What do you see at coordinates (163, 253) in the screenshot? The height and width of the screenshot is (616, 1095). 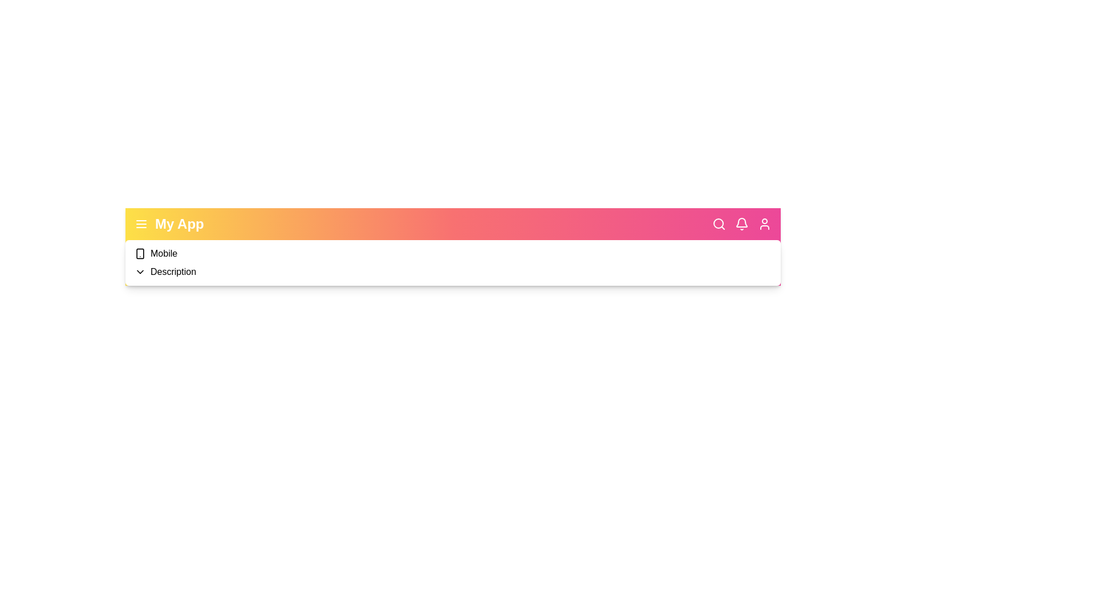 I see `the 'Mobile' dropdown item` at bounding box center [163, 253].